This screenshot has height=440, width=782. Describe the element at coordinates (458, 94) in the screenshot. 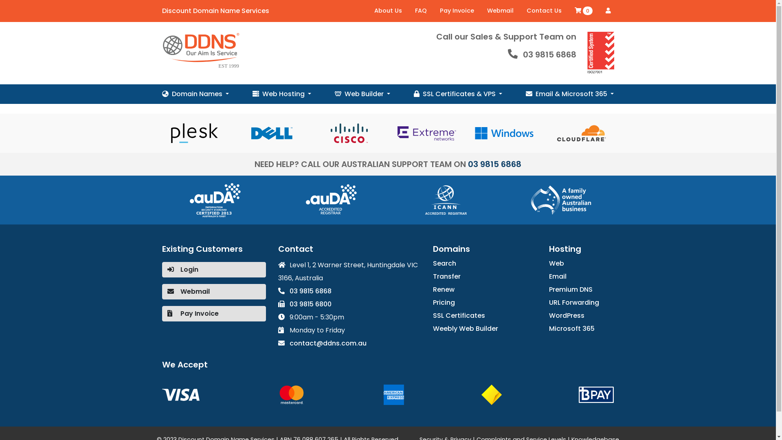

I see `'SSL Certificates & VPS'` at that location.